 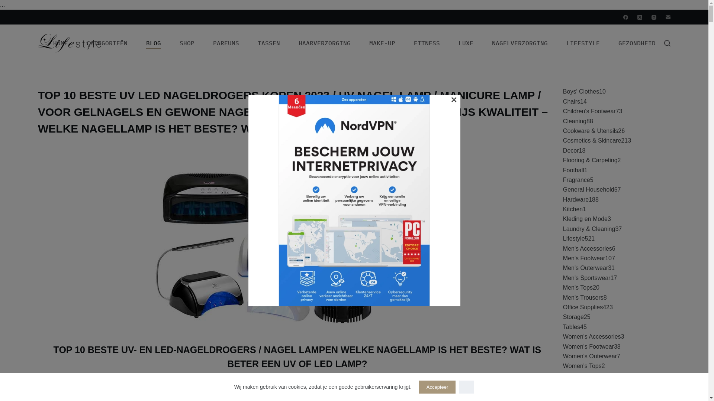 What do you see at coordinates (585, 218) in the screenshot?
I see `'Kleding en Mode'` at bounding box center [585, 218].